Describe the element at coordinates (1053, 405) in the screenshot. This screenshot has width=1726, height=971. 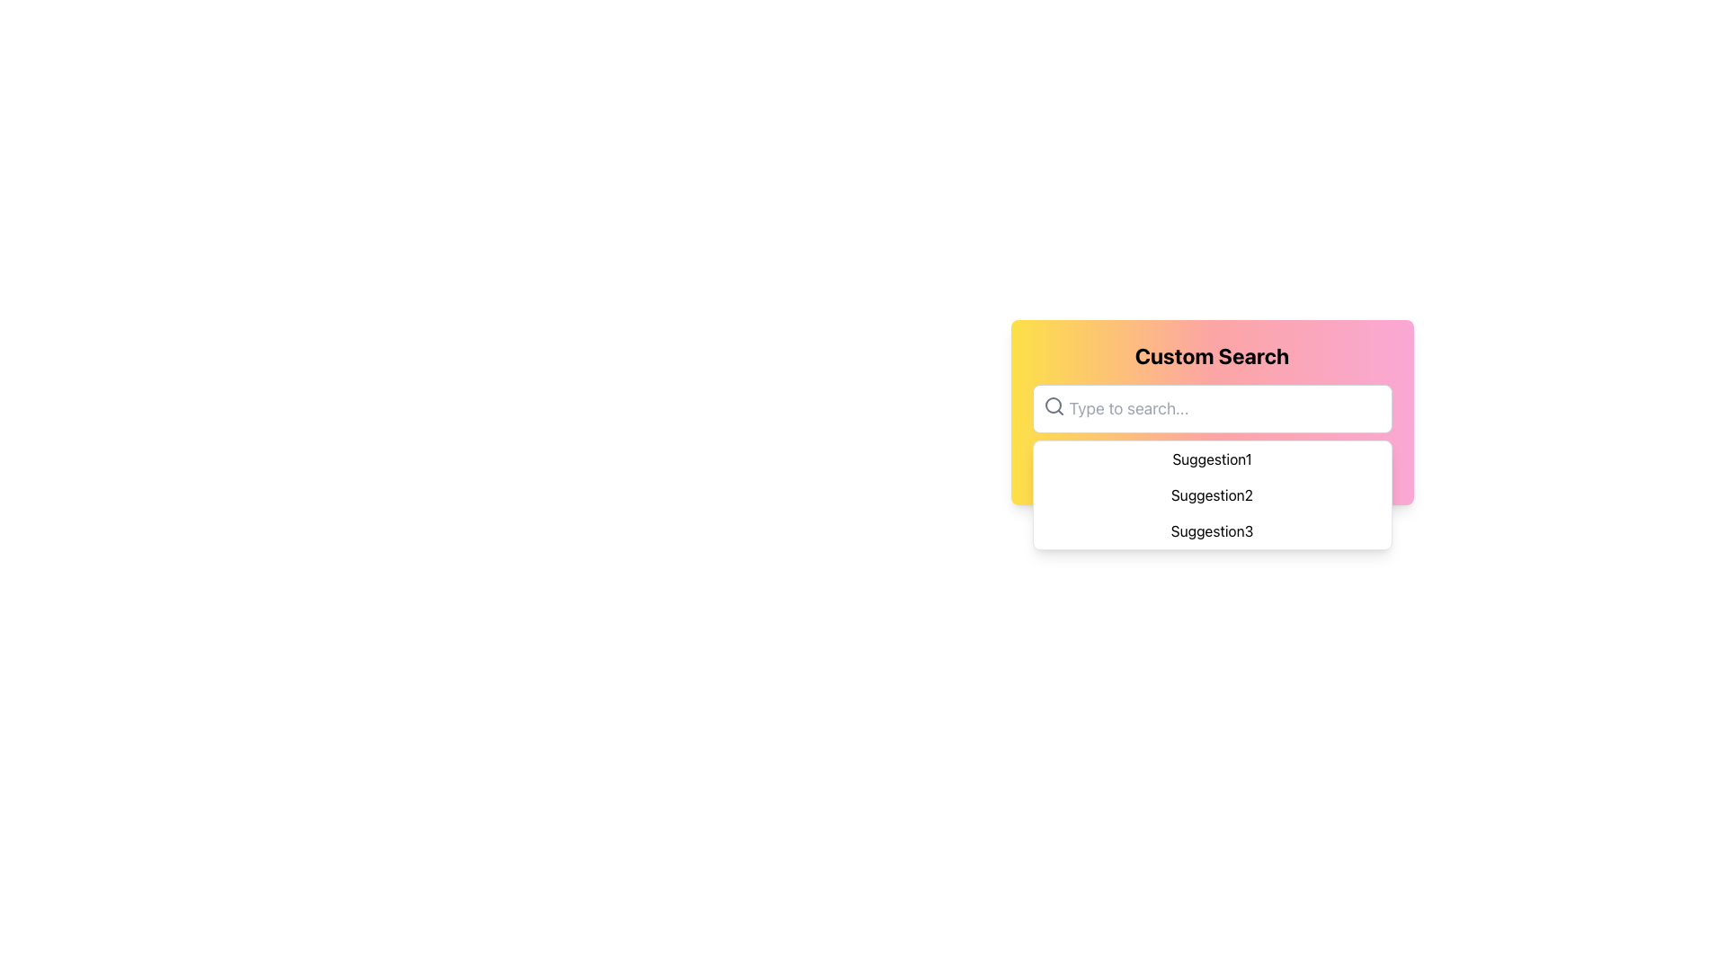
I see `the circular part of the search icon, which is positioned at the center of the magnifying glass icon located on the left side of the search bar` at that location.